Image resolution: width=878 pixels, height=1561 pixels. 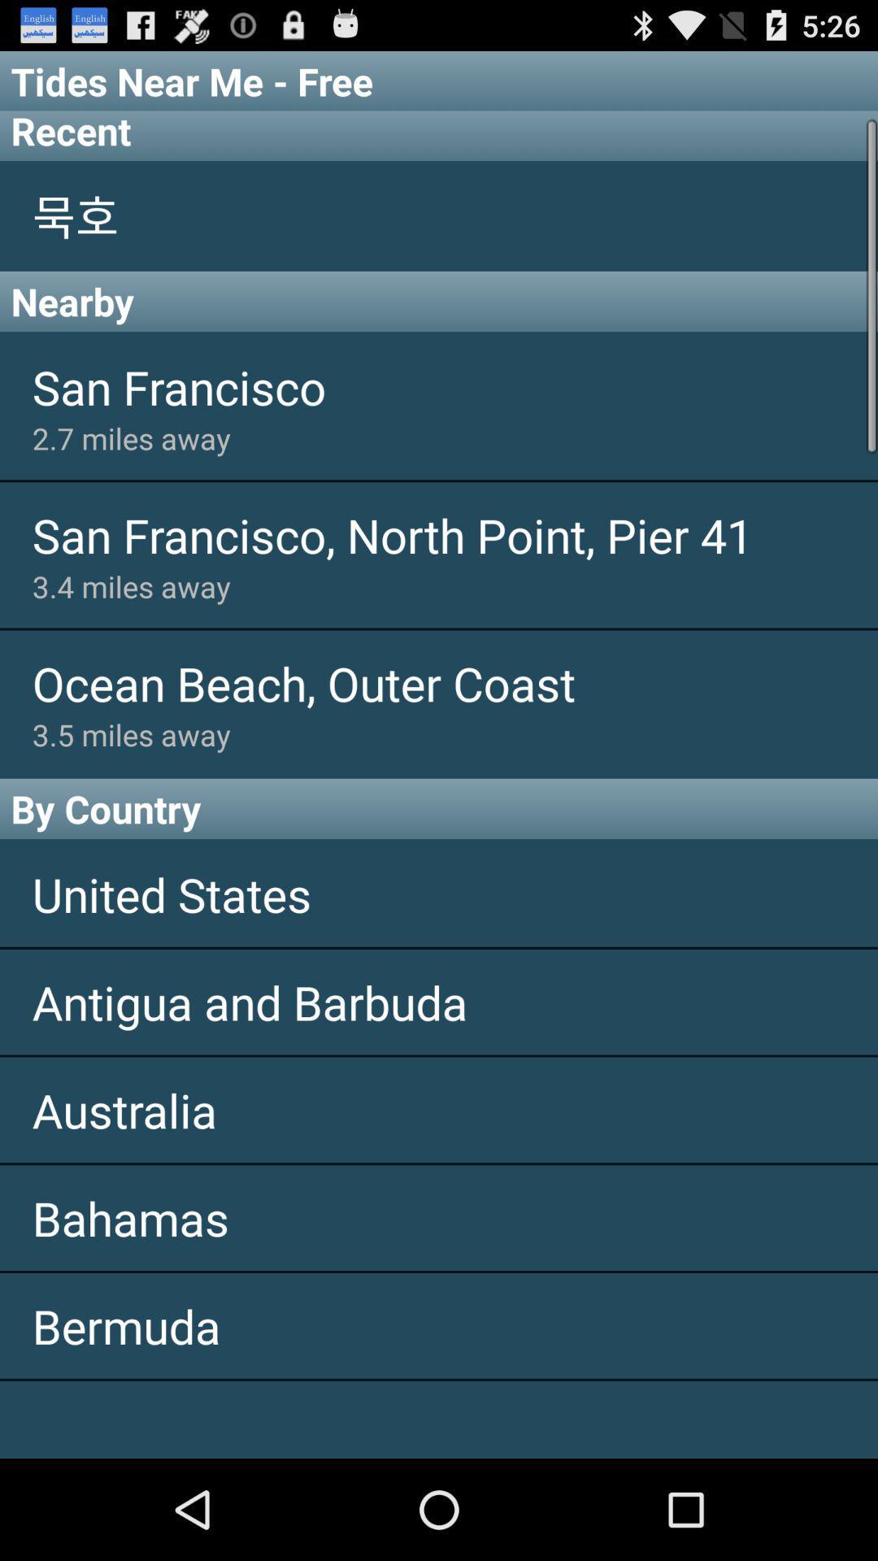 I want to click on the app below san francisco app, so click(x=454, y=438).